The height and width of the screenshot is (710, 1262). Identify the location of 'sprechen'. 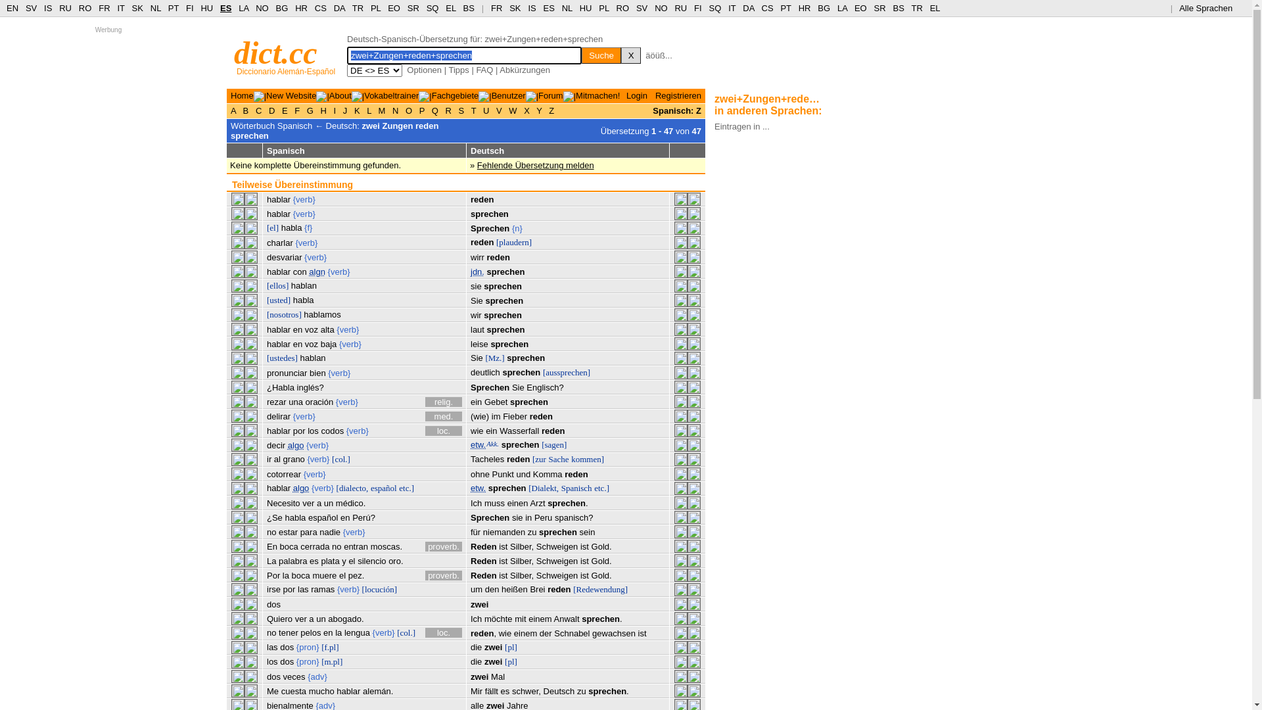
(502, 315).